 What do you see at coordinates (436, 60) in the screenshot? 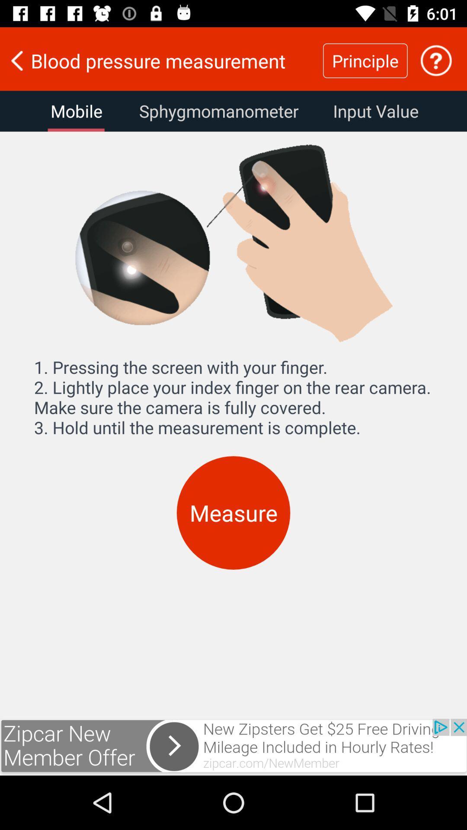
I see `the question mark option` at bounding box center [436, 60].